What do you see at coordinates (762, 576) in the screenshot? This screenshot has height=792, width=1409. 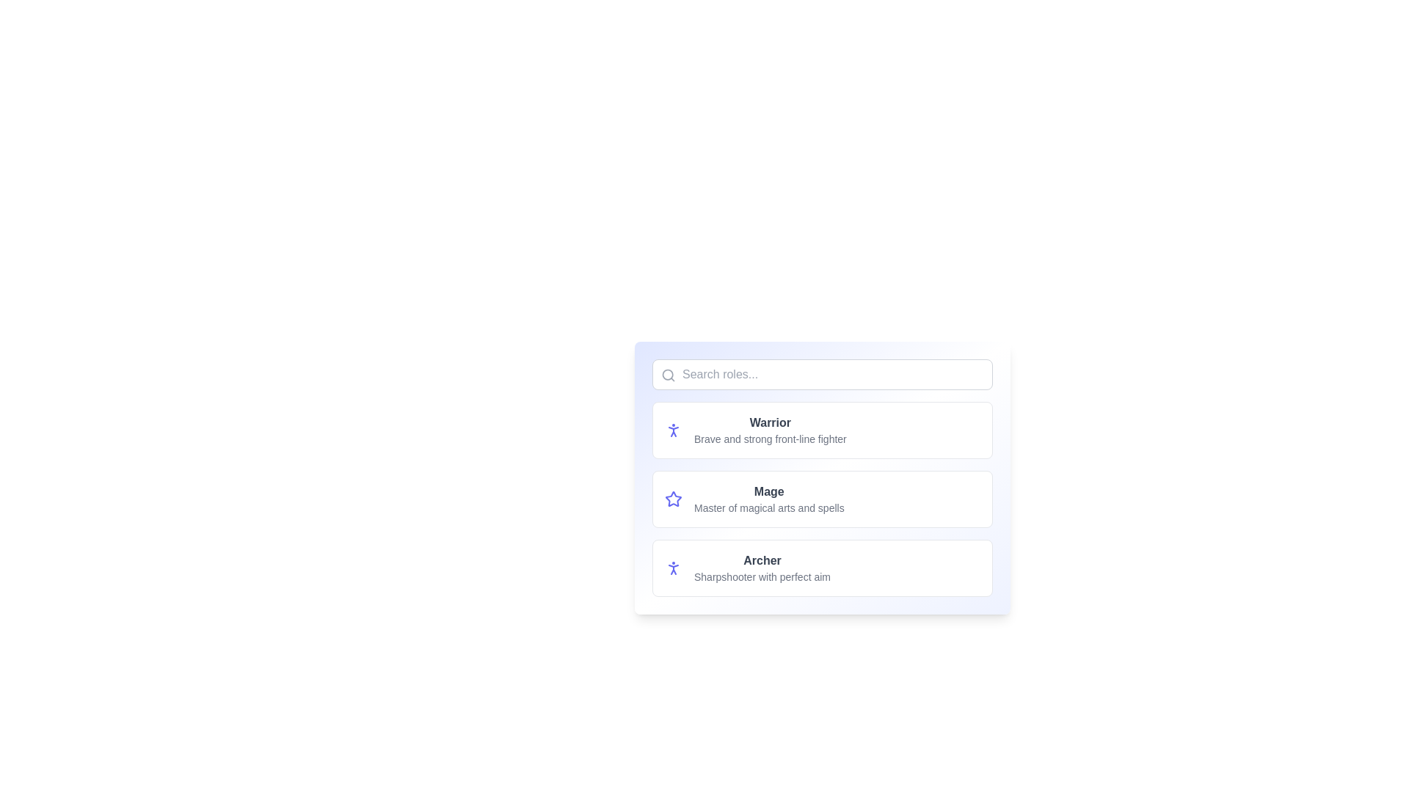 I see `the descriptive text label providing information about the 'Archer' role, located directly beneath the bold 'Archer' title in the roles section` at bounding box center [762, 576].